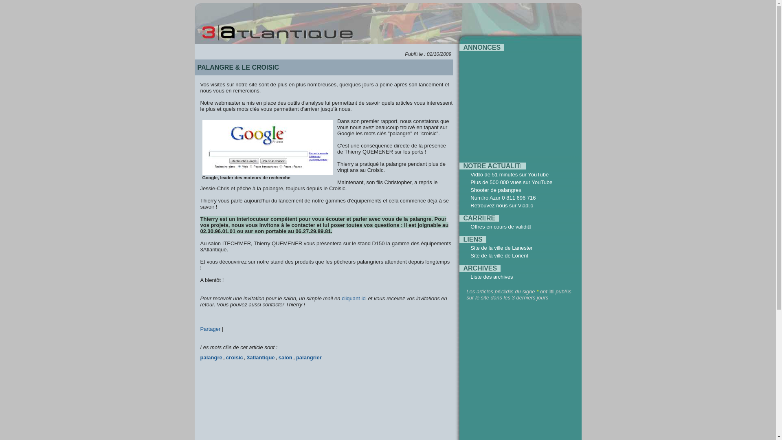 The width and height of the screenshot is (782, 440). Describe the element at coordinates (495, 190) in the screenshot. I see `'Shooter de palangres'` at that location.